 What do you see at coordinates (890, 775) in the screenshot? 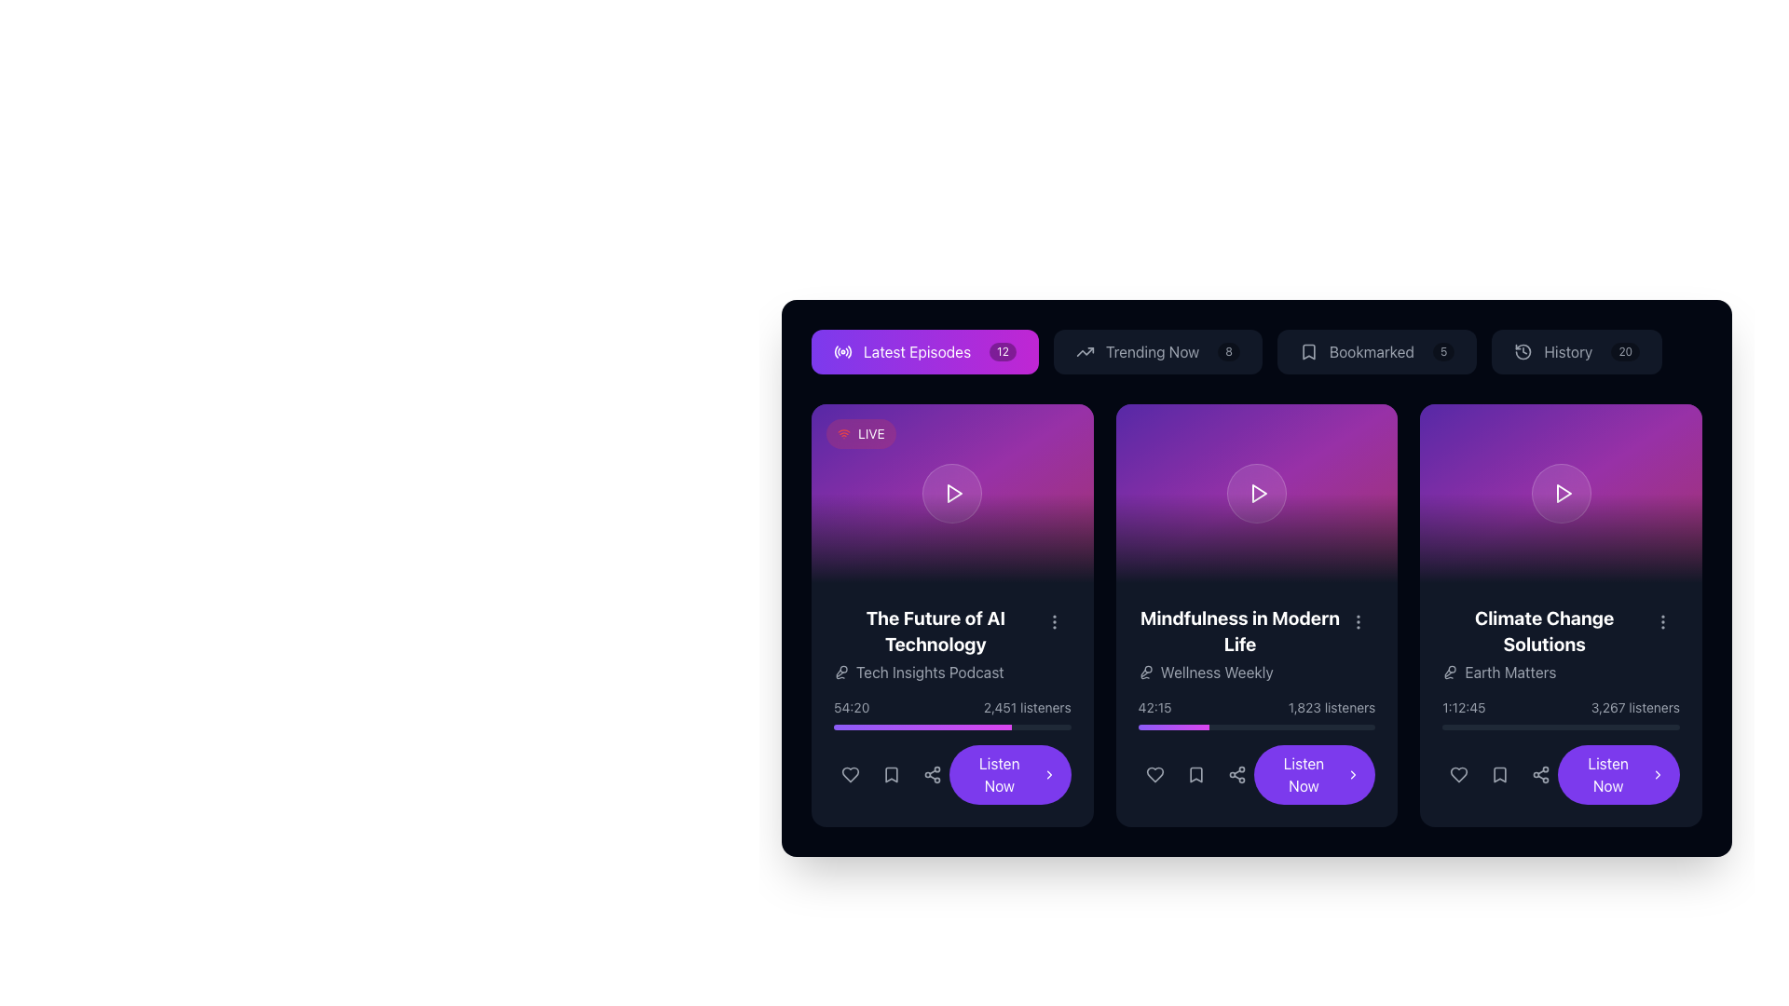
I see `the bookmark button located as the second icon in the horizontal group under the card labeled 'The Future of AI Technology'` at bounding box center [890, 775].